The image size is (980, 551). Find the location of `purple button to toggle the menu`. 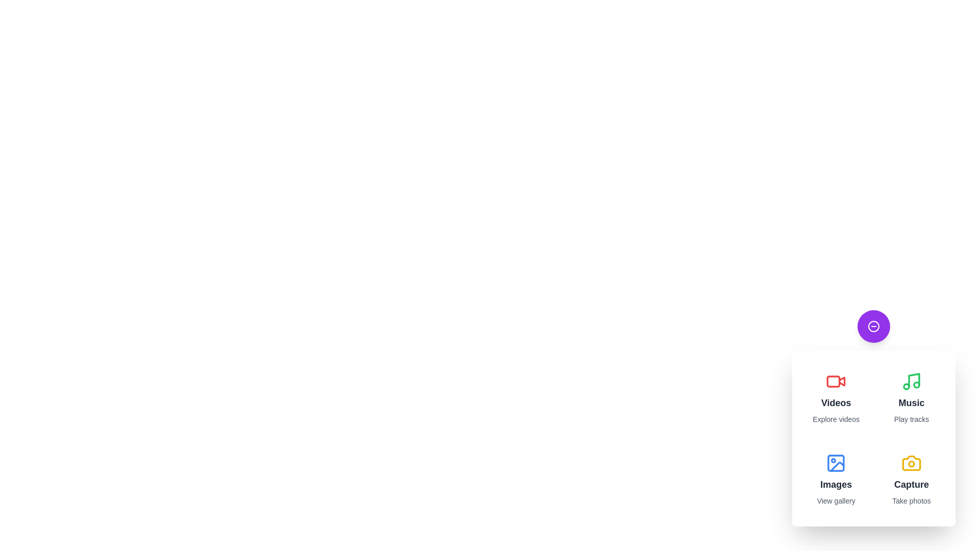

purple button to toggle the menu is located at coordinates (873, 327).